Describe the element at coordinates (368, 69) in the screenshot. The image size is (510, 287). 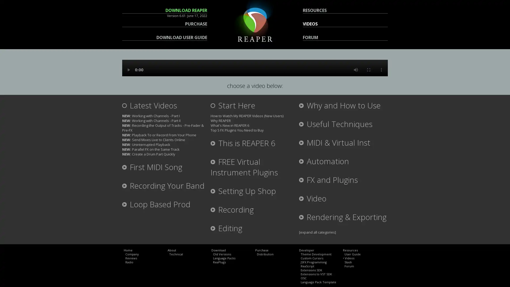
I see `enter full screen` at that location.